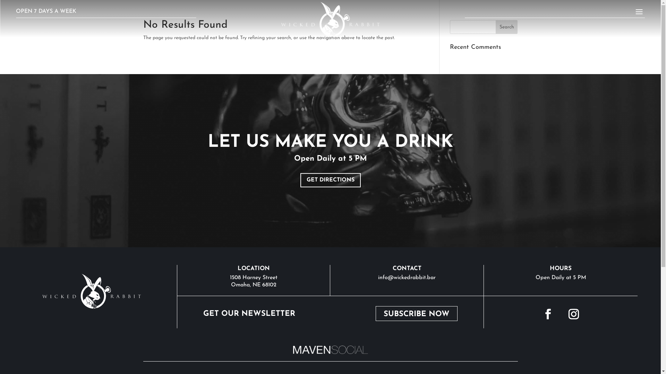  What do you see at coordinates (407, 277) in the screenshot?
I see `'info@wickedrabbit.bar'` at bounding box center [407, 277].